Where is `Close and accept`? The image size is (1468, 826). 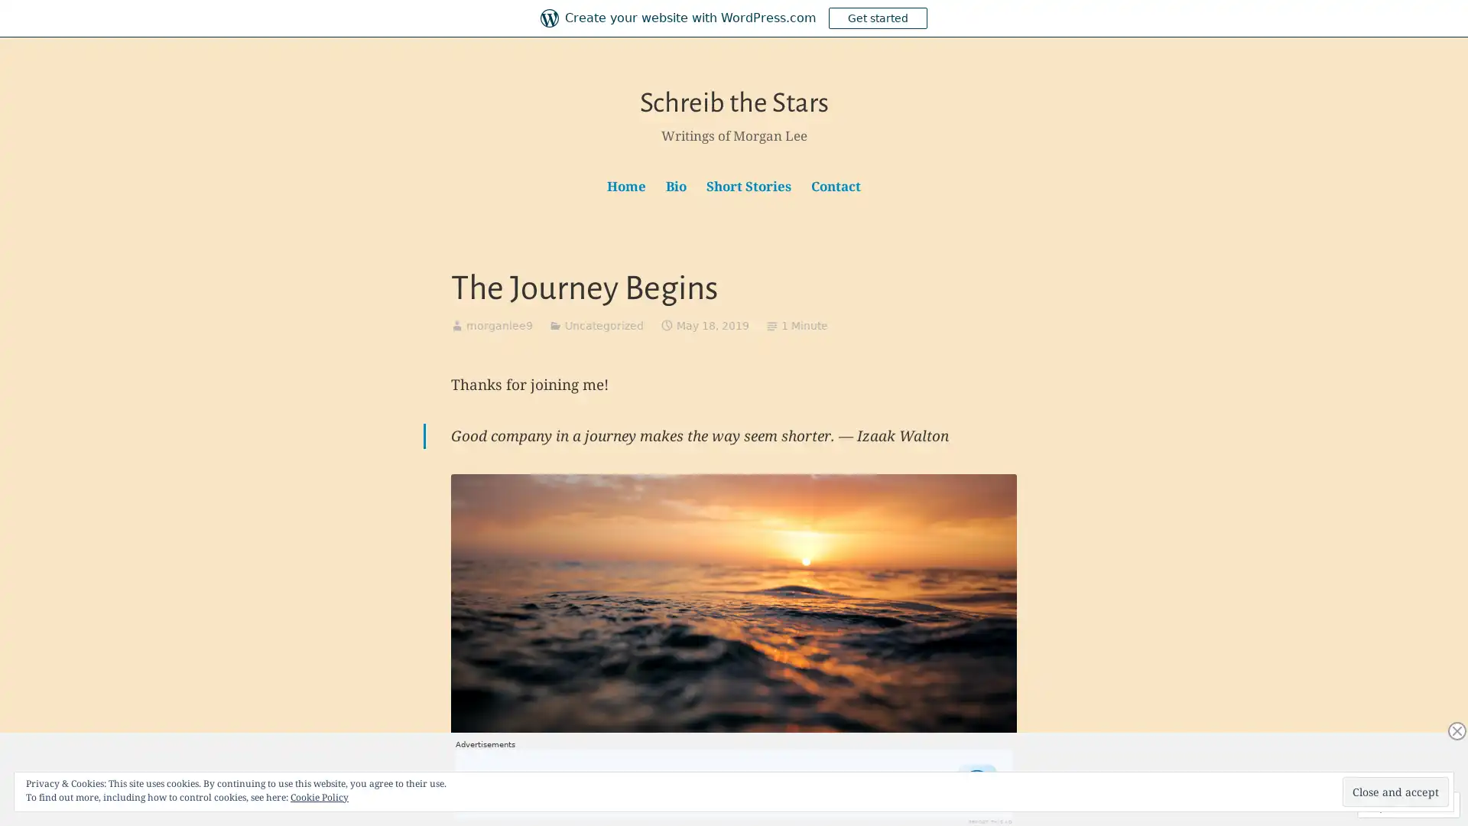 Close and accept is located at coordinates (1395, 792).